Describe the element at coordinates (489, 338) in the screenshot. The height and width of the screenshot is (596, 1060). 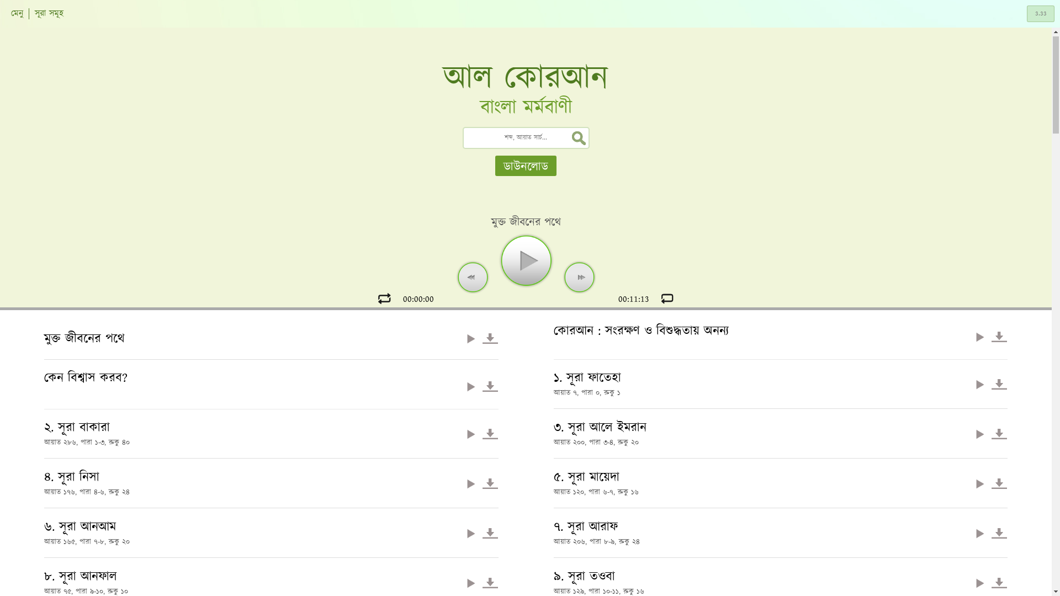
I see `'Download'` at that location.